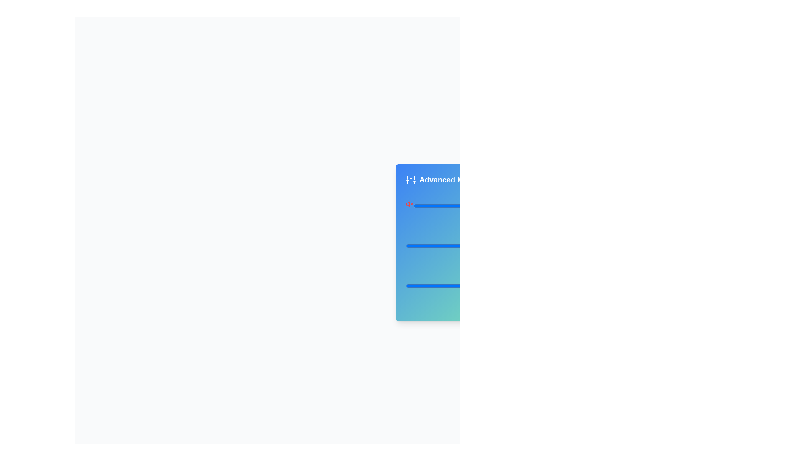 The image size is (802, 451). What do you see at coordinates (424, 246) in the screenshot?
I see `the slider value` at bounding box center [424, 246].